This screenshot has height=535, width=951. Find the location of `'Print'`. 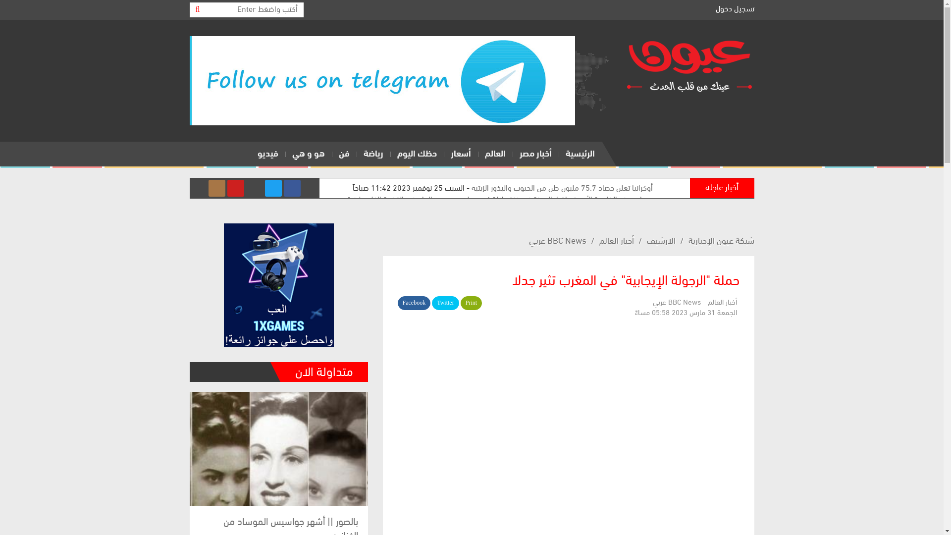

'Print' is located at coordinates (460, 303).